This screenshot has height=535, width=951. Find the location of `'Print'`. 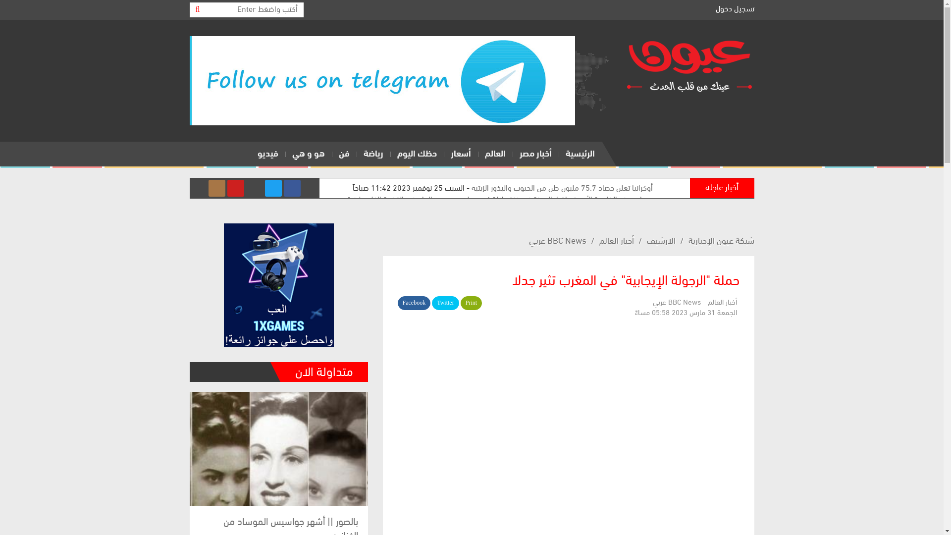

'Print' is located at coordinates (460, 303).